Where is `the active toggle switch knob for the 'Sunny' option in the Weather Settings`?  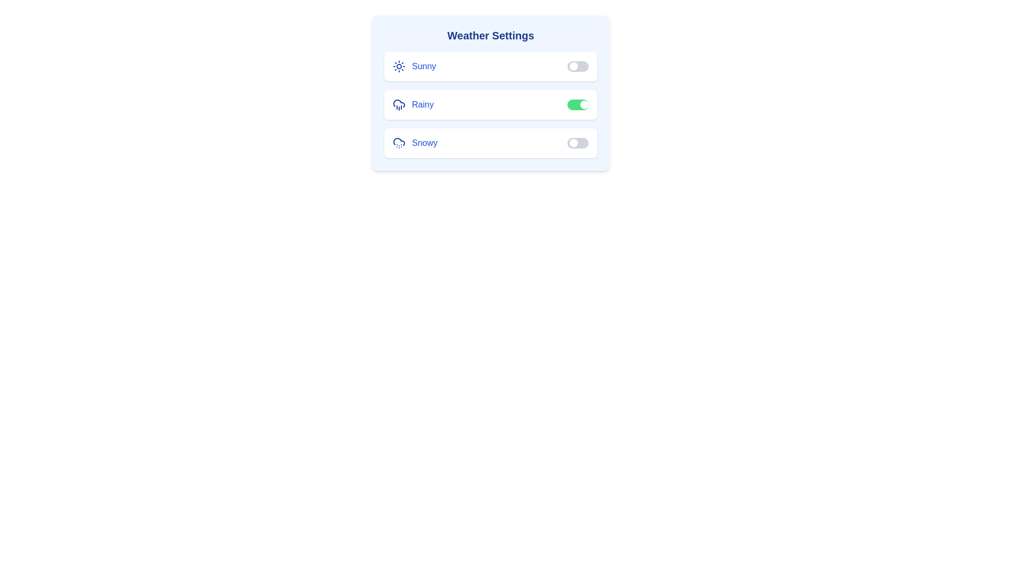 the active toggle switch knob for the 'Sunny' option in the Weather Settings is located at coordinates (573, 66).